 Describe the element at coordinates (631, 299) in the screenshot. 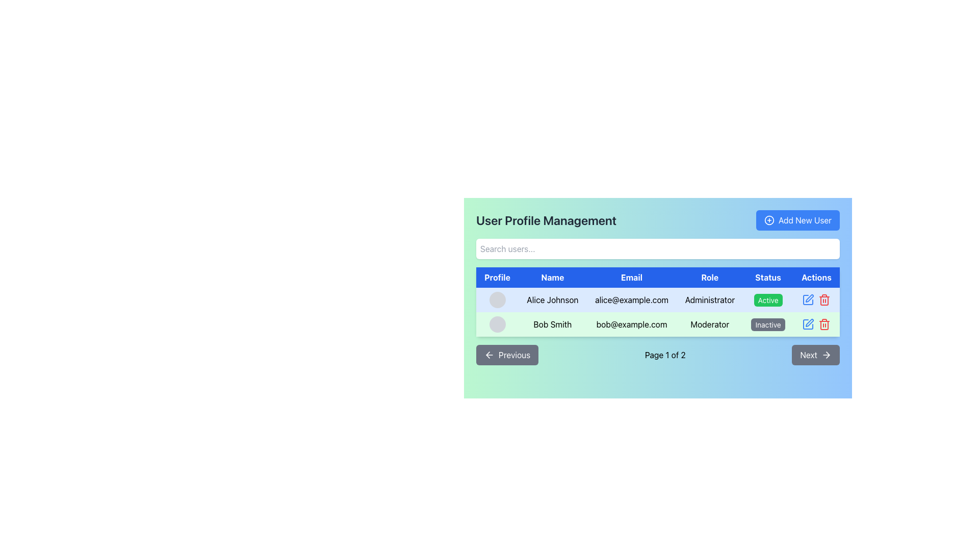

I see `the Text Display Element that shows the email address 'alice@example.com' in the third cell of the first row of a table with a light blue background` at that location.